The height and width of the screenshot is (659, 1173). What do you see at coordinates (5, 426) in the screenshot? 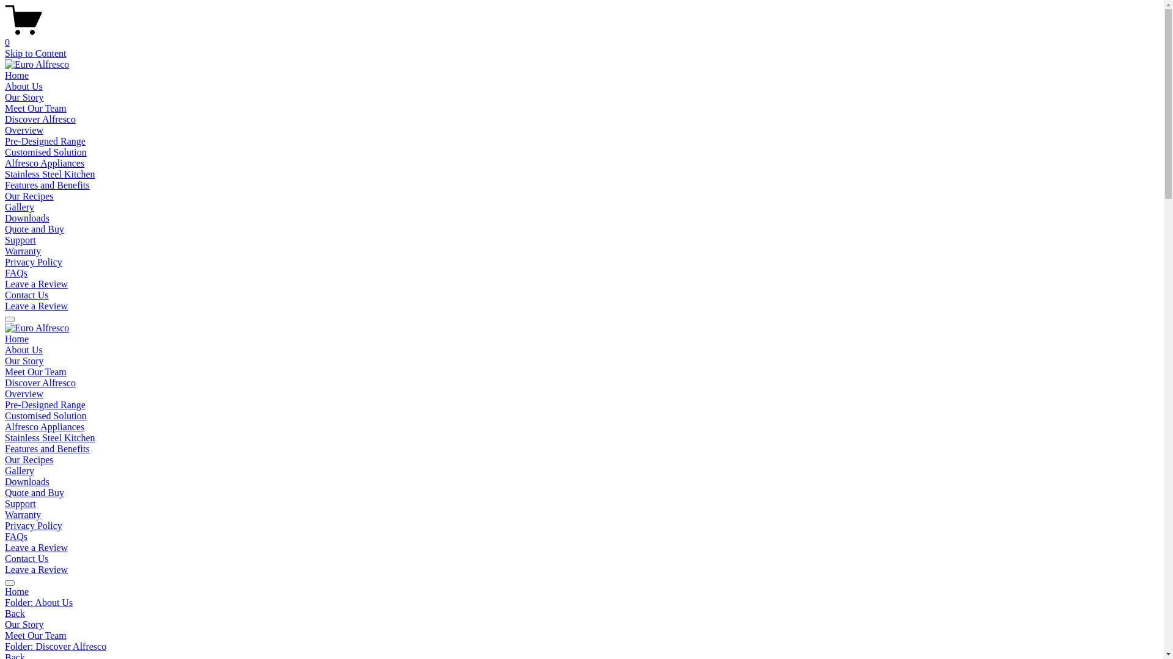
I see `'Alfresco Appliances'` at bounding box center [5, 426].